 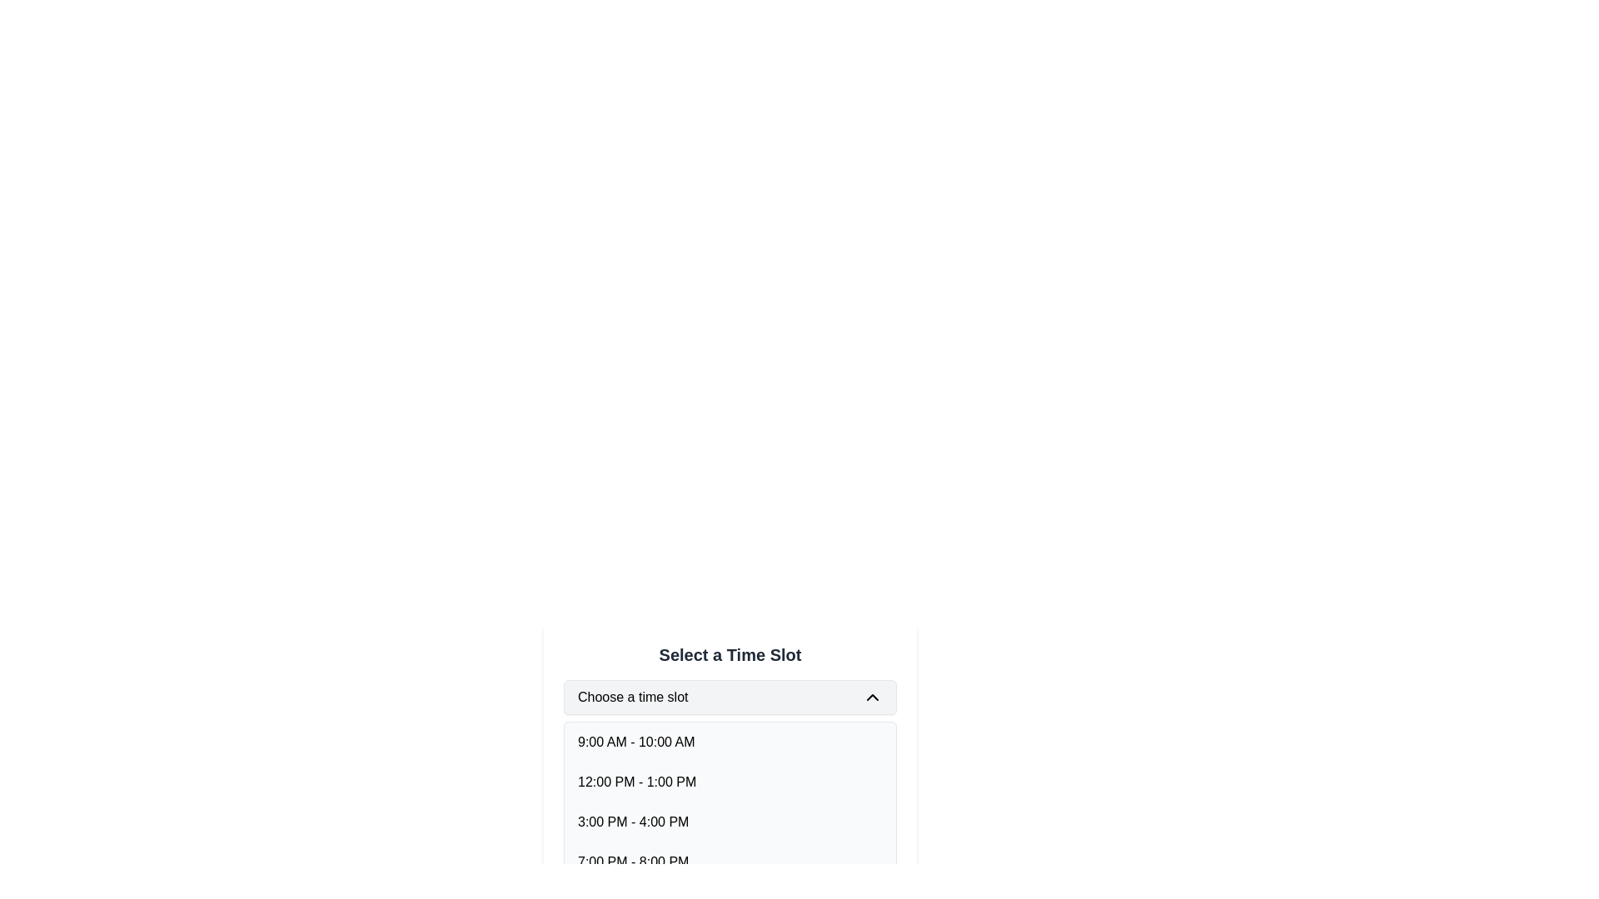 I want to click on the List item displaying '9:00 AM - 10:00 AM' that changes background color to light blue upon hover, so click(x=730, y=741).